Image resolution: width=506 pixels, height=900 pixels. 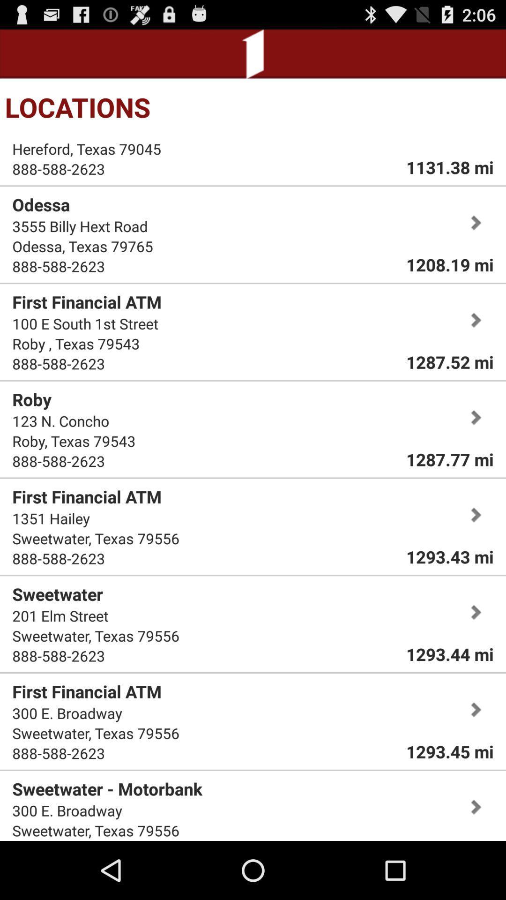 I want to click on the hereford, texas 79045 app, so click(x=87, y=148).